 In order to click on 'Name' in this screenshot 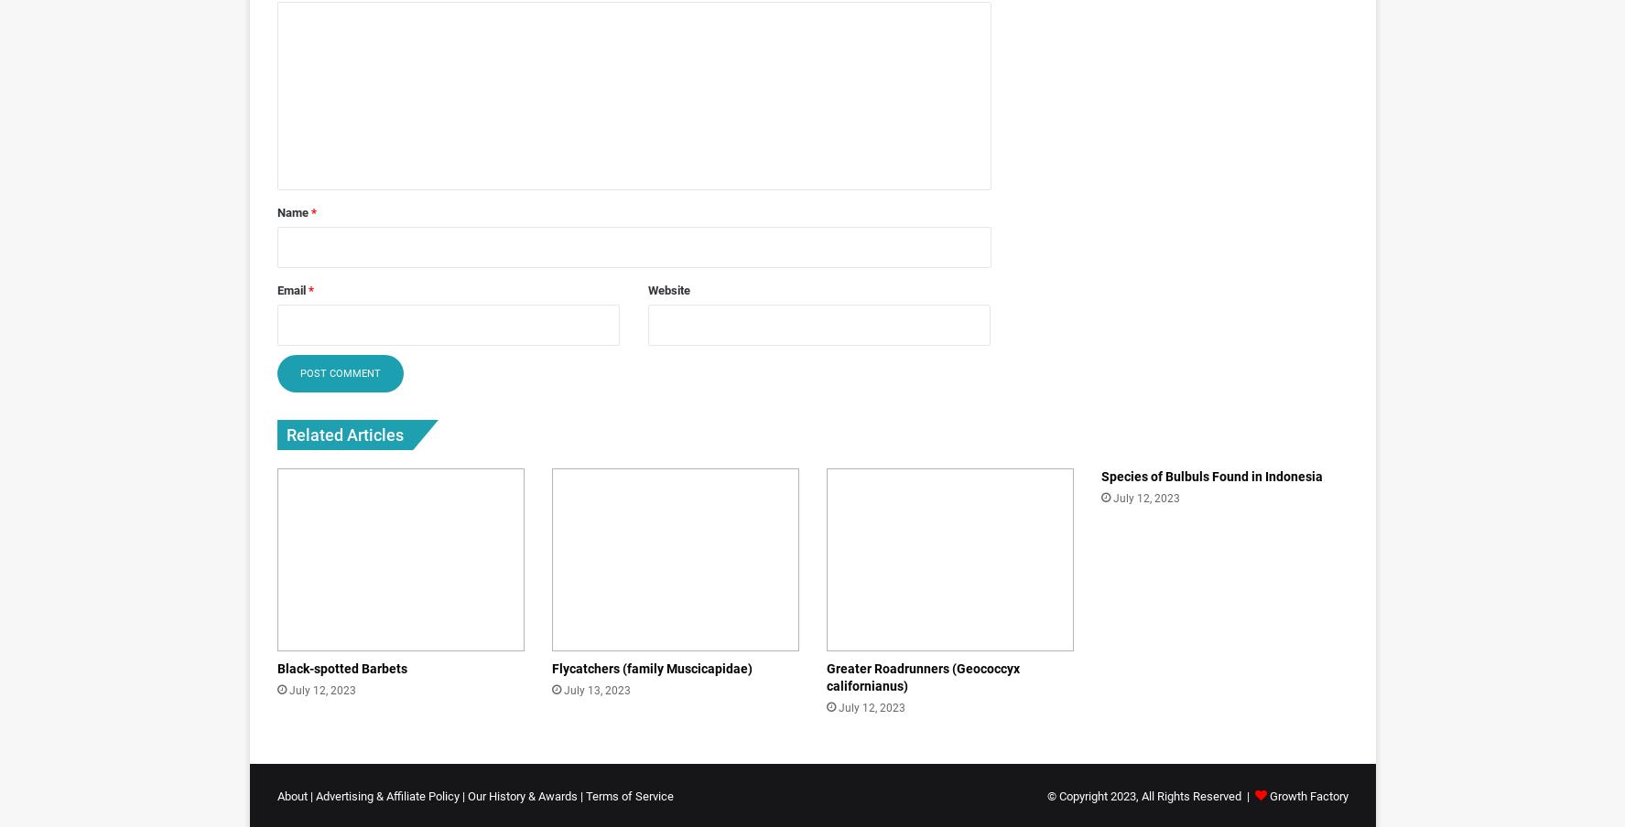, I will do `click(293, 210)`.